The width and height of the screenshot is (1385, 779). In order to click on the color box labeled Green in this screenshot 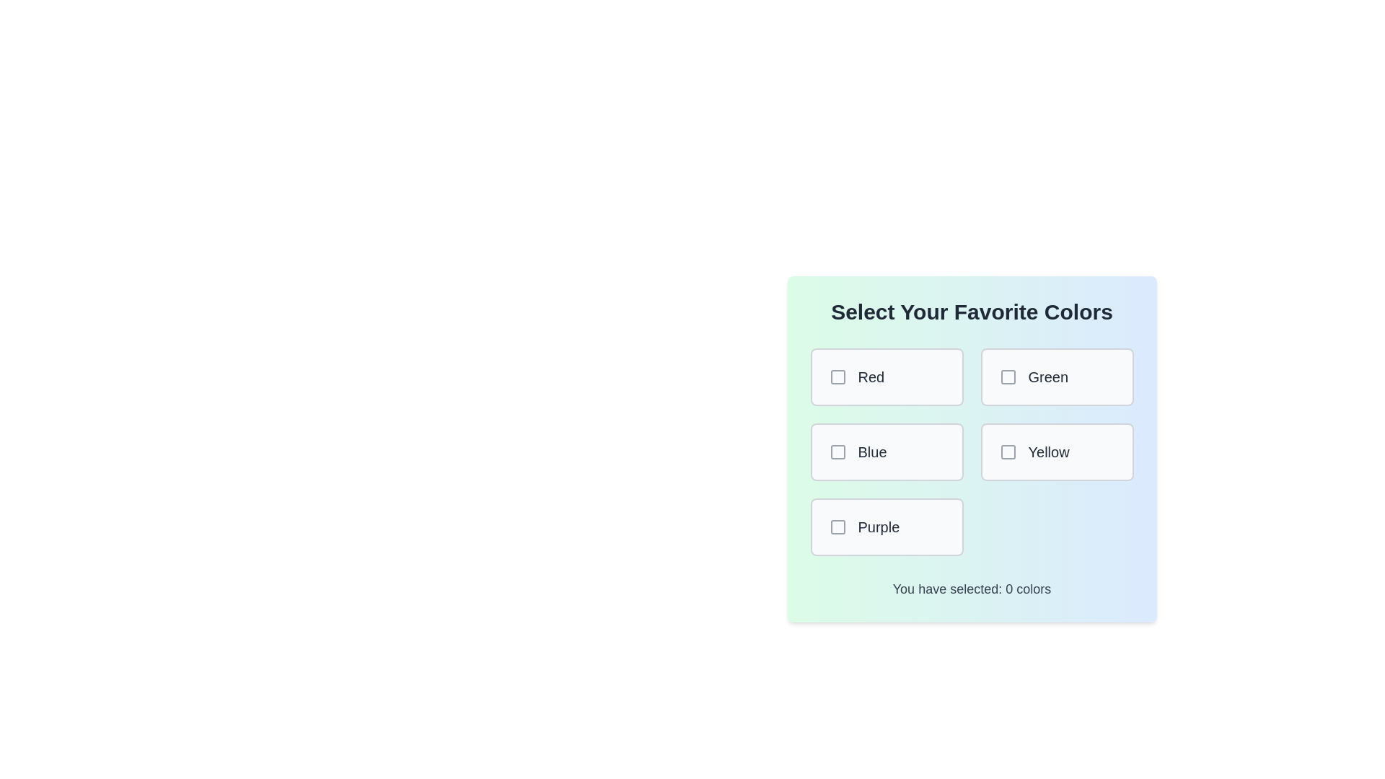, I will do `click(1057, 377)`.